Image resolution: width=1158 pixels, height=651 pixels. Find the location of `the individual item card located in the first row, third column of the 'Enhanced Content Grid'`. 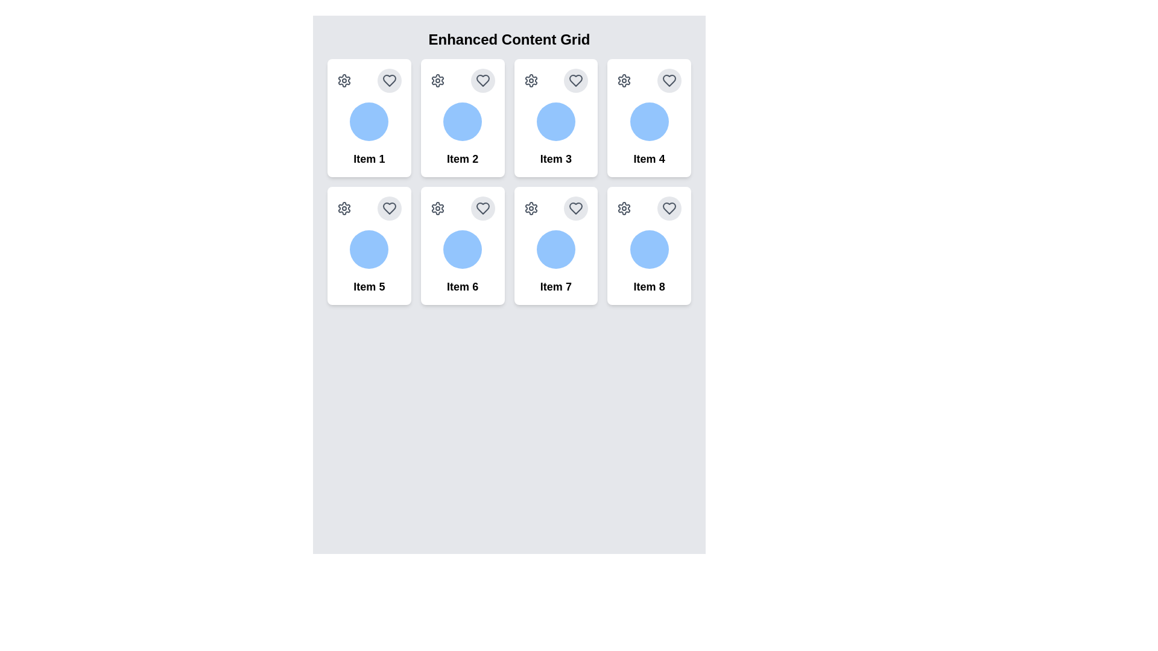

the individual item card located in the first row, third column of the 'Enhanced Content Grid' is located at coordinates (555, 118).